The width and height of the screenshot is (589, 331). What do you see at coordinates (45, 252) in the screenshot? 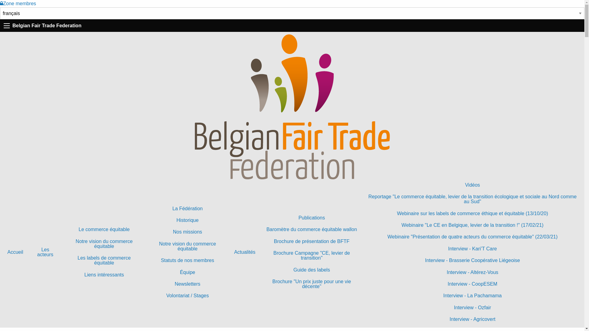
I see `'Les acteurs'` at bounding box center [45, 252].